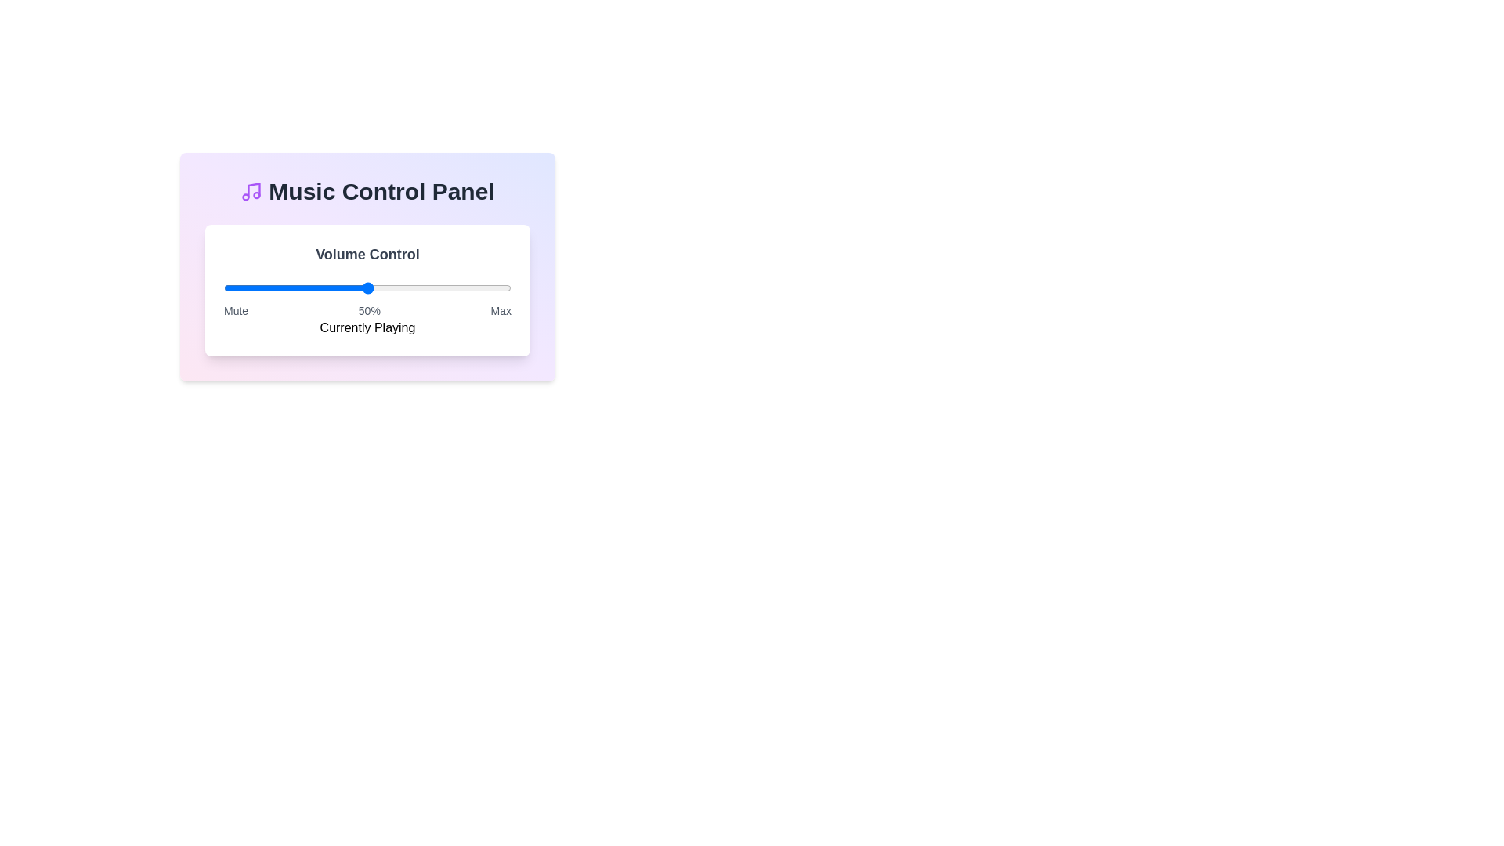 This screenshot has height=846, width=1504. Describe the element at coordinates (293, 287) in the screenshot. I see `the volume slider to 24% level` at that location.